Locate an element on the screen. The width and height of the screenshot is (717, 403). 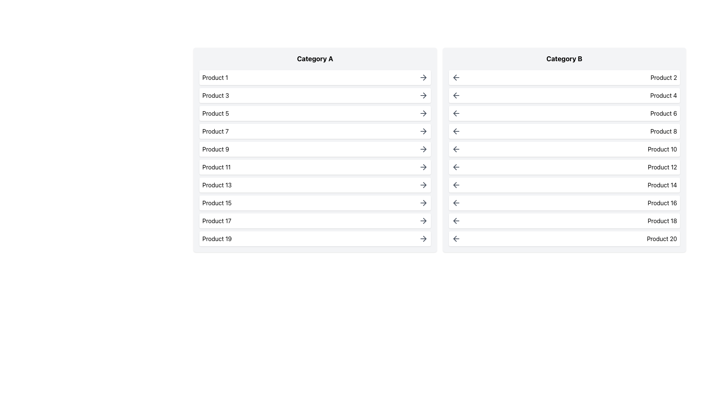
the leftward action button located in the row labeled 'Product 16' under 'Category B' is located at coordinates (456, 203).